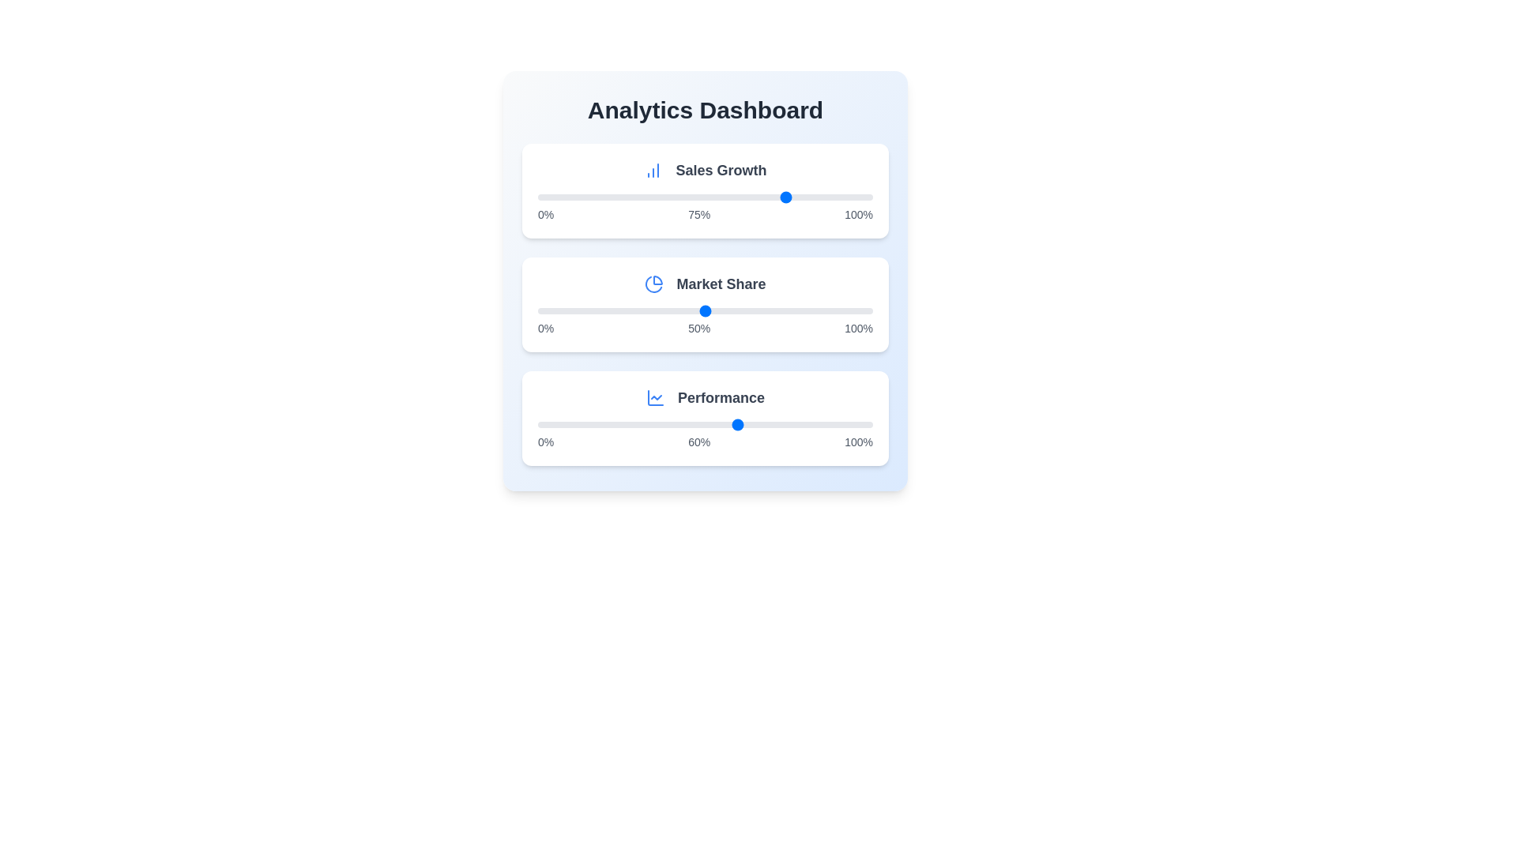  What do you see at coordinates (758, 423) in the screenshot?
I see `the 'Performance' slider to 66 percent` at bounding box center [758, 423].